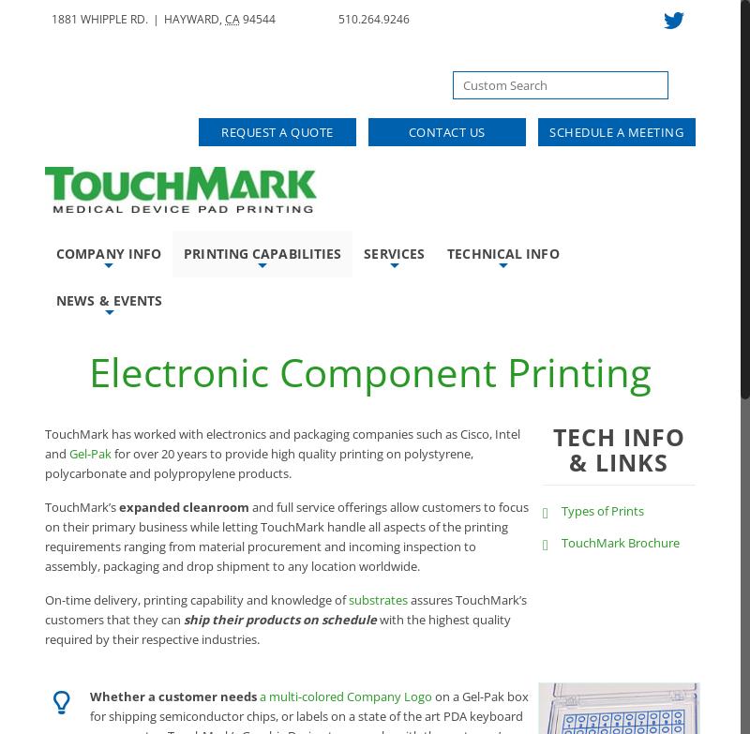 Image resolution: width=750 pixels, height=734 pixels. I want to click on '510.264.9246', so click(373, 19).